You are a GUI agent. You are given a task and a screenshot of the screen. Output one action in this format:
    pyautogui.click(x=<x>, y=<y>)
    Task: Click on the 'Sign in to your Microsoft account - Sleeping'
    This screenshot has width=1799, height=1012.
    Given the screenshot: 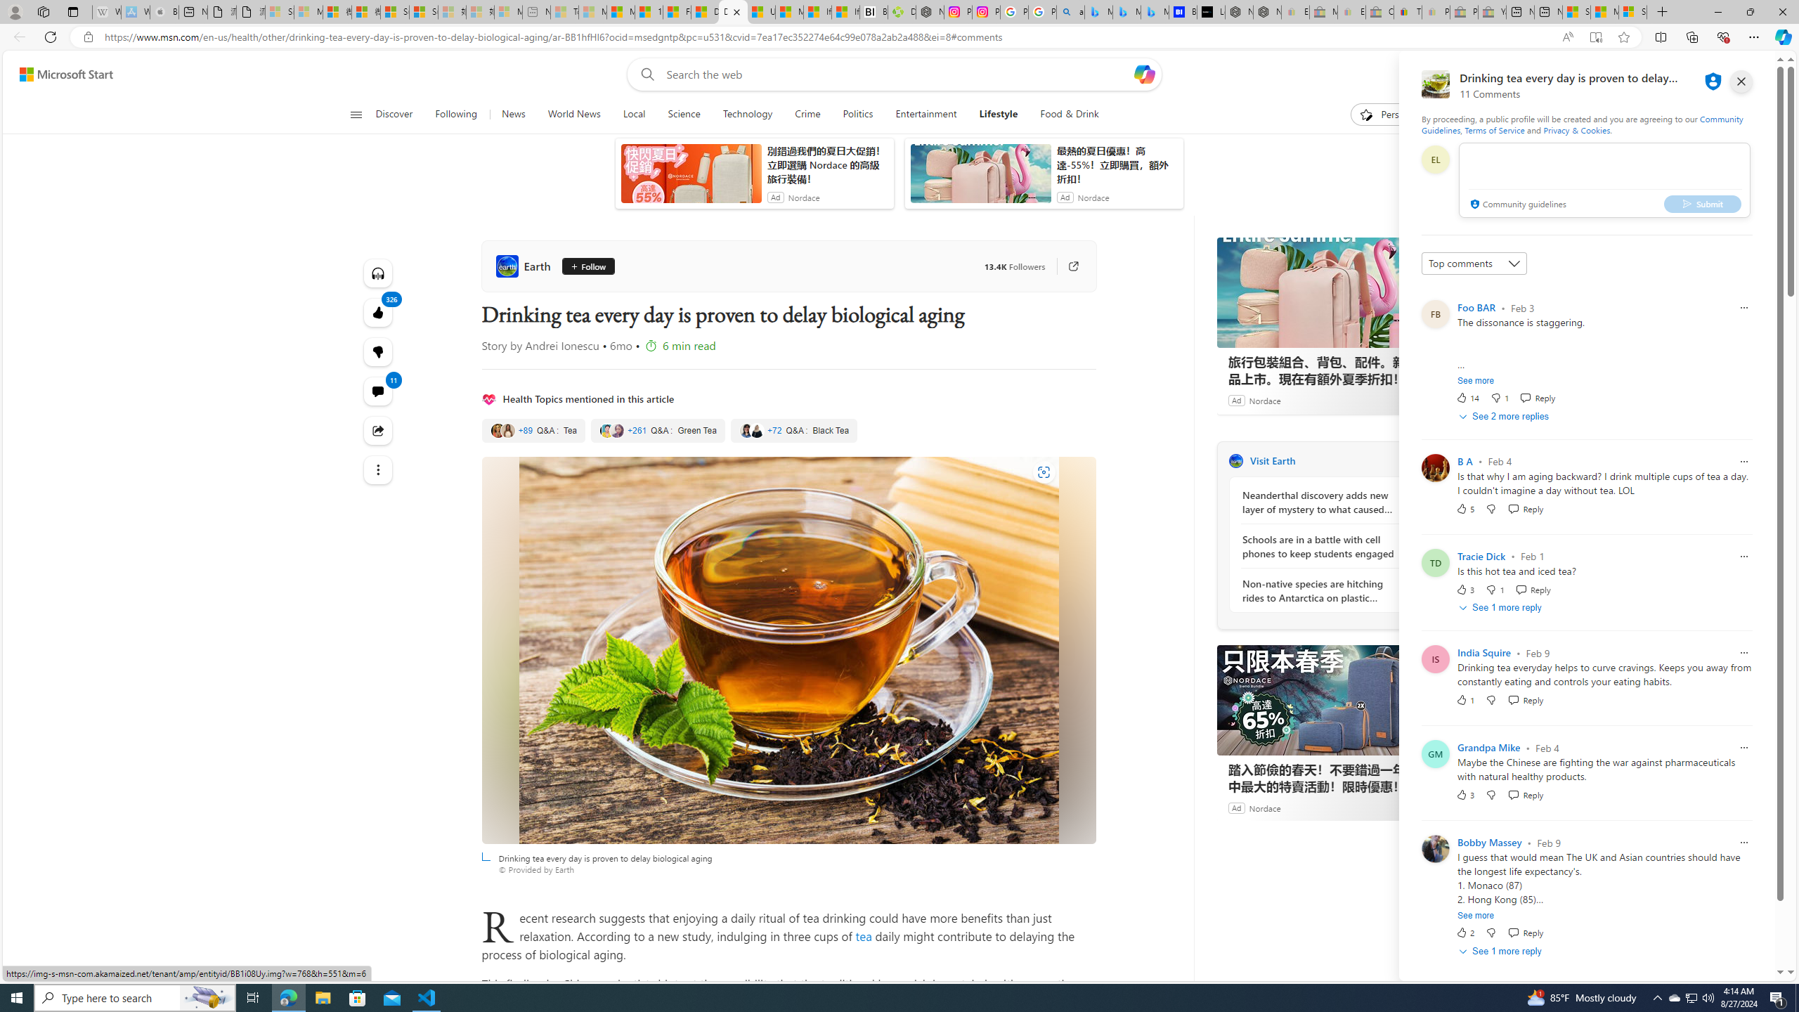 What is the action you would take?
    pyautogui.click(x=280, y=11)
    